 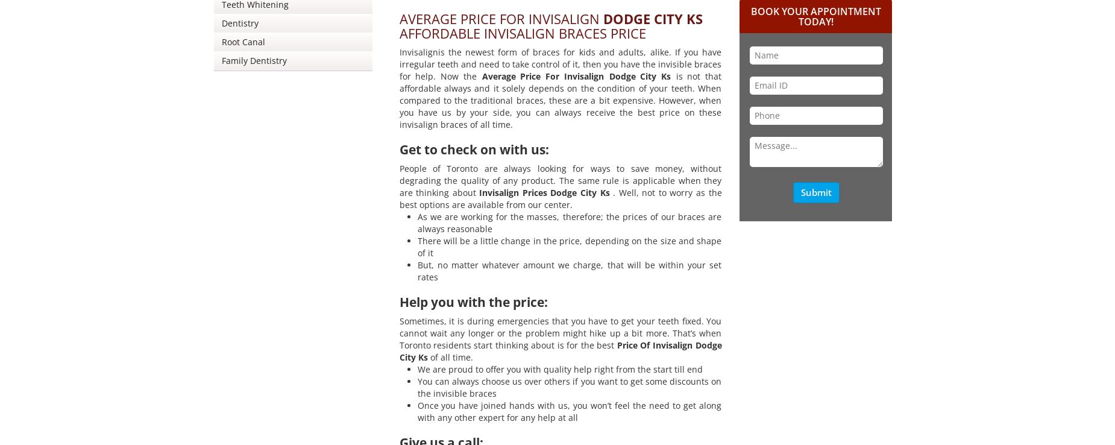 I want to click on 'People of Toronto are always looking for ways to save money, without degrading the quality of any product. The same rule is applicable when they are thinking about', so click(x=398, y=180).